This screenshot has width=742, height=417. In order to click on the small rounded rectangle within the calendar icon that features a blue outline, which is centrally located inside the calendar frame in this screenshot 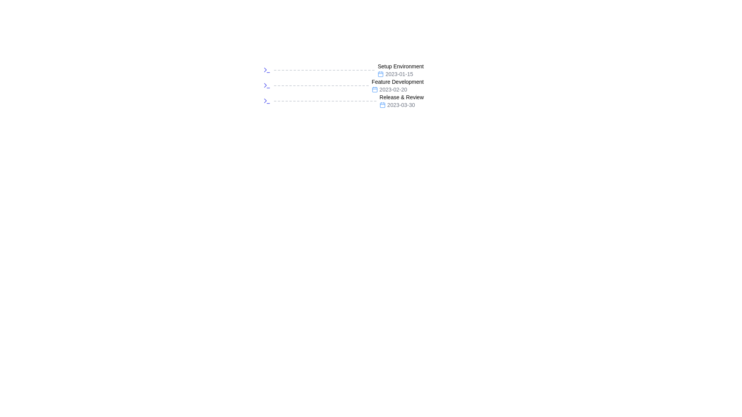, I will do `click(381, 74)`.